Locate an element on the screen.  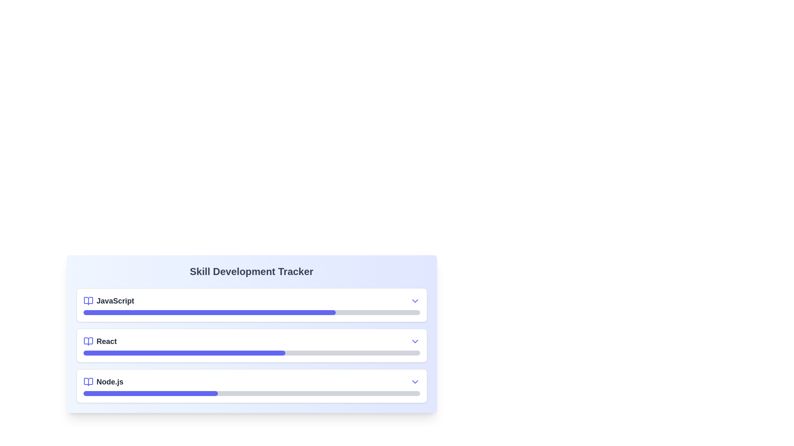
the progress bar is located at coordinates (151, 393).